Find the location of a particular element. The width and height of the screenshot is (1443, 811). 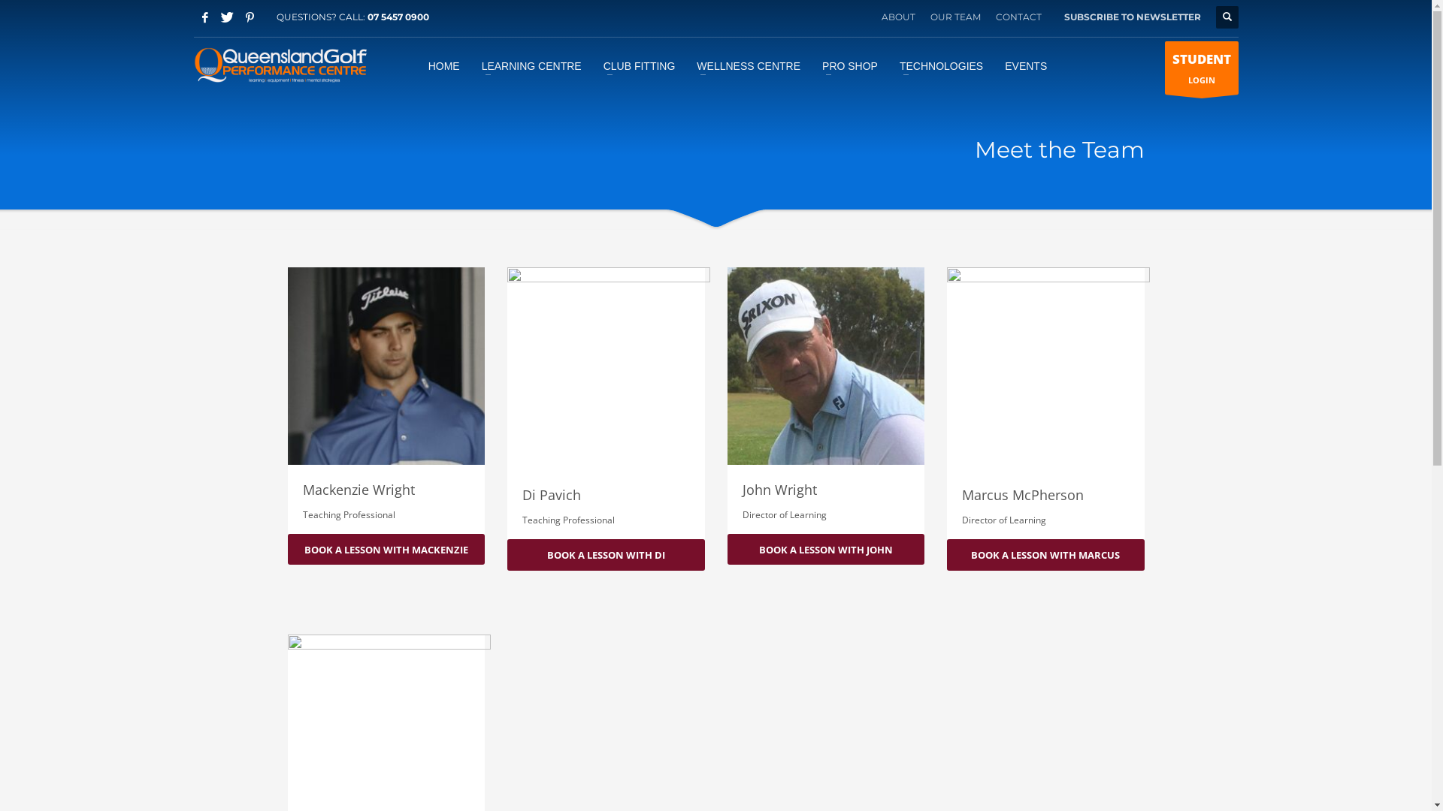

'07 5457 0900' is located at coordinates (397, 17).